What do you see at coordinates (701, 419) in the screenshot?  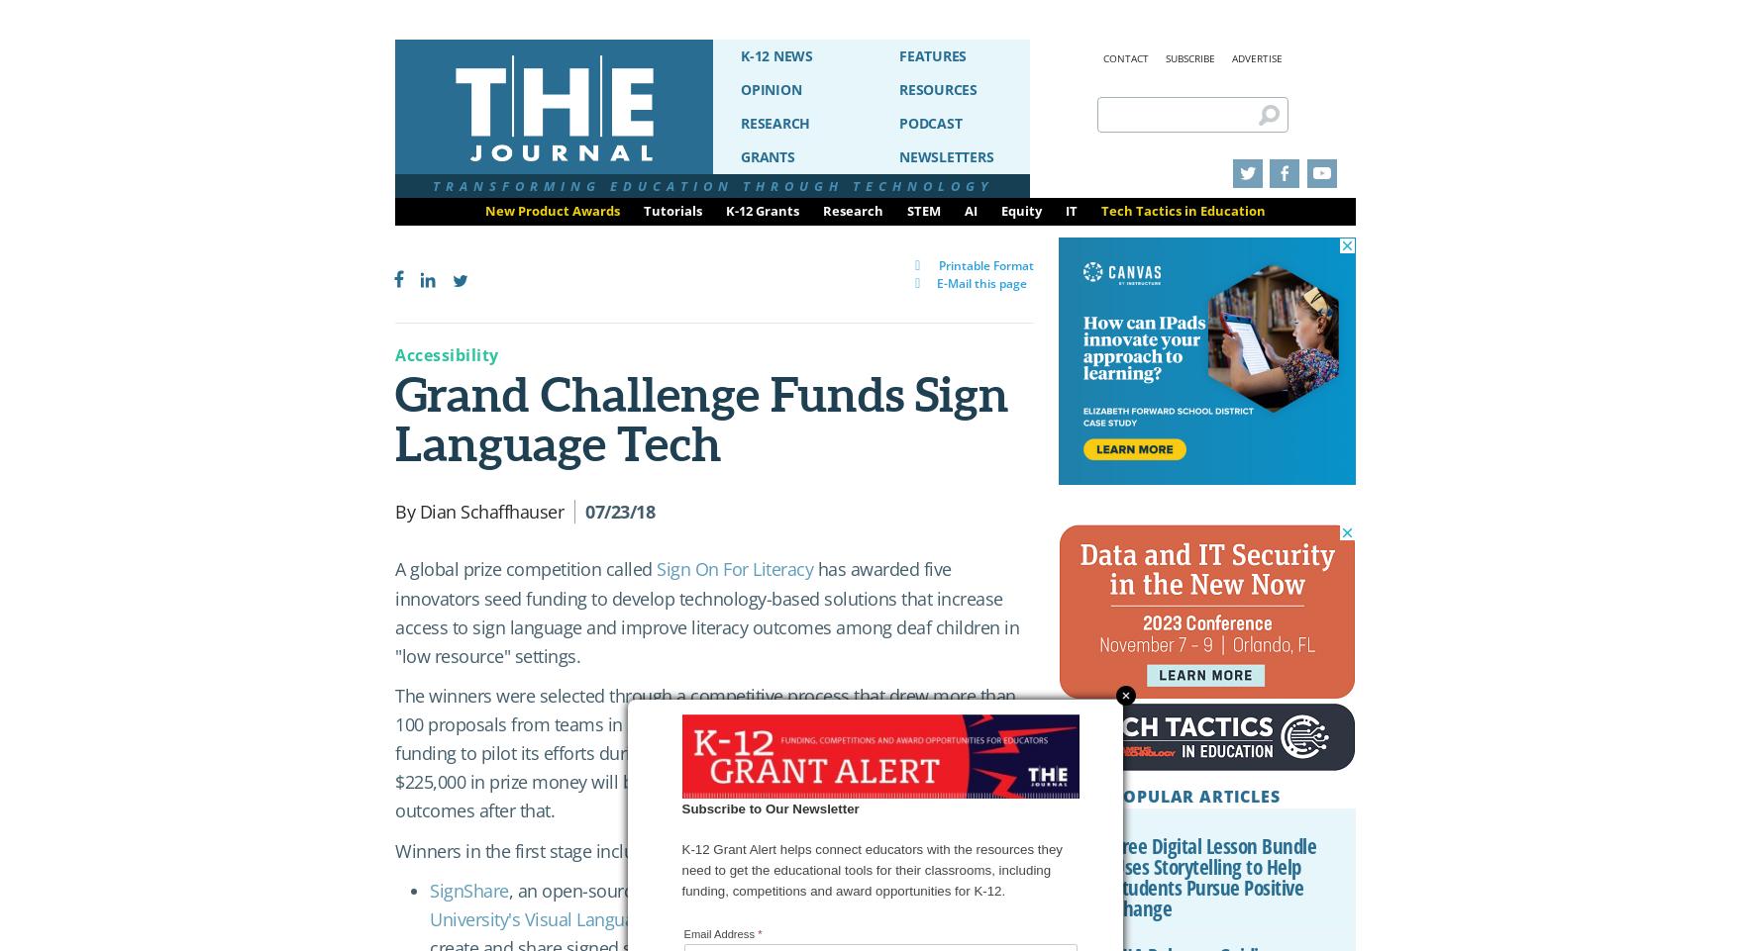 I see `'Grand Challenge Funds Sign Language Tech'` at bounding box center [701, 419].